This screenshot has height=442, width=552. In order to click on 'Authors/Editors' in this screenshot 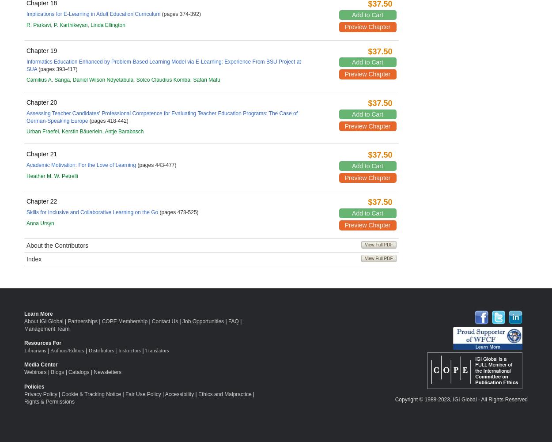, I will do `click(67, 350)`.